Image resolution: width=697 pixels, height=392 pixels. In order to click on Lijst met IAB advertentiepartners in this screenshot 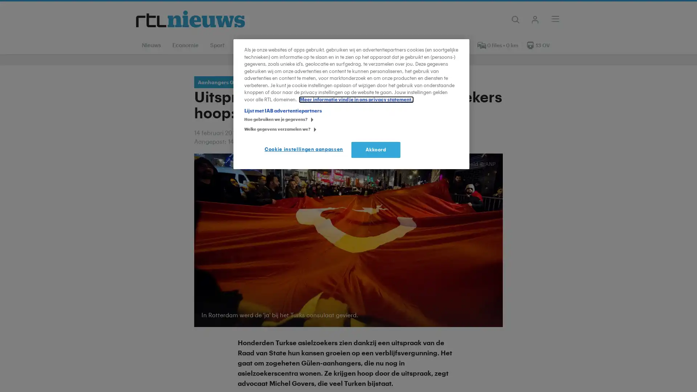, I will do `click(282, 111)`.